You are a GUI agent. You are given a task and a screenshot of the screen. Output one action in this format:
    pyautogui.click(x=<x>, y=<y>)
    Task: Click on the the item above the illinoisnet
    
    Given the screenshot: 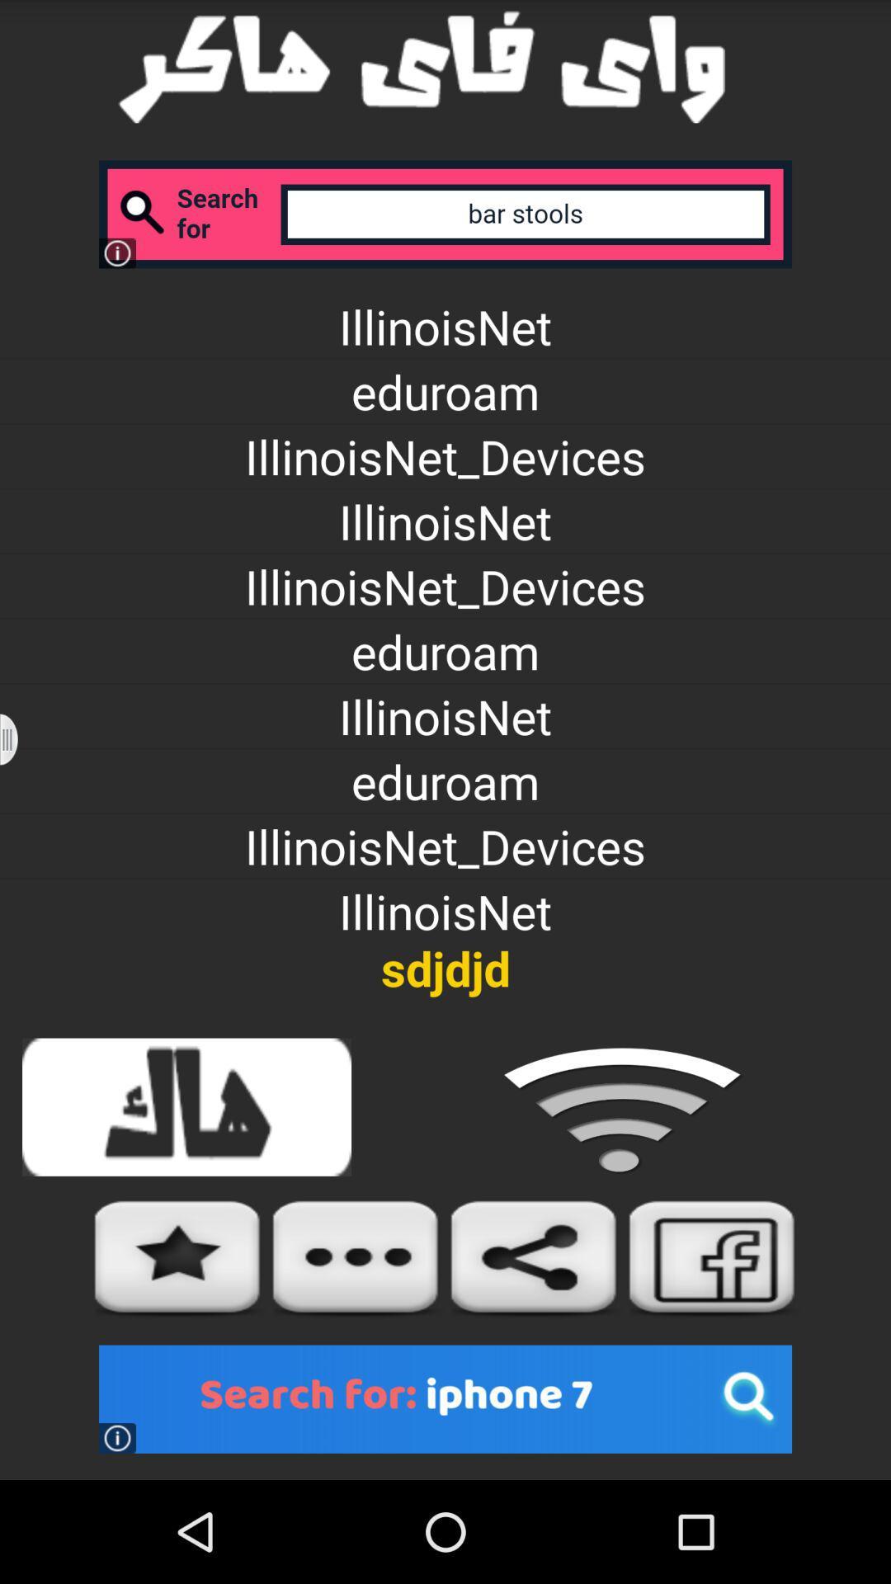 What is the action you would take?
    pyautogui.click(x=445, y=213)
    